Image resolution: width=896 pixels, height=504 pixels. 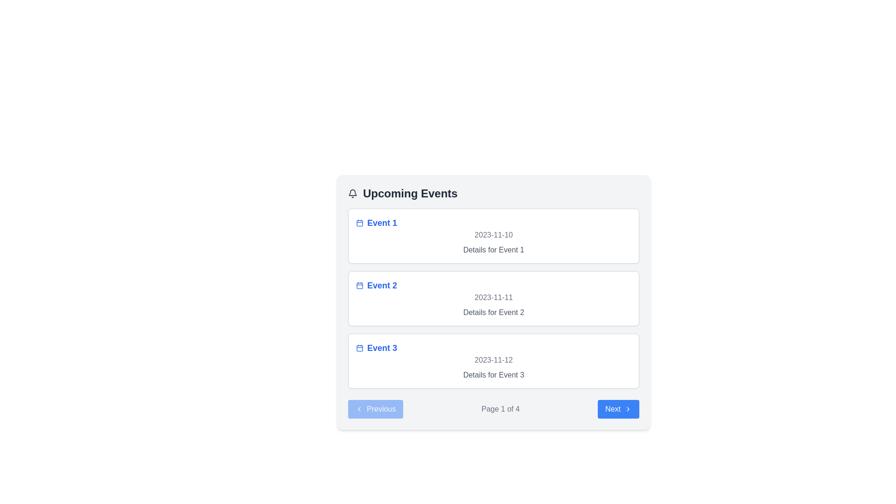 What do you see at coordinates (493, 299) in the screenshot?
I see `the Information card titled 'Event 2' which is the second card in the 'Upcoming Events' section, featuring a bold blue title, a calendar icon, a gray date, and a longer gray description` at bounding box center [493, 299].